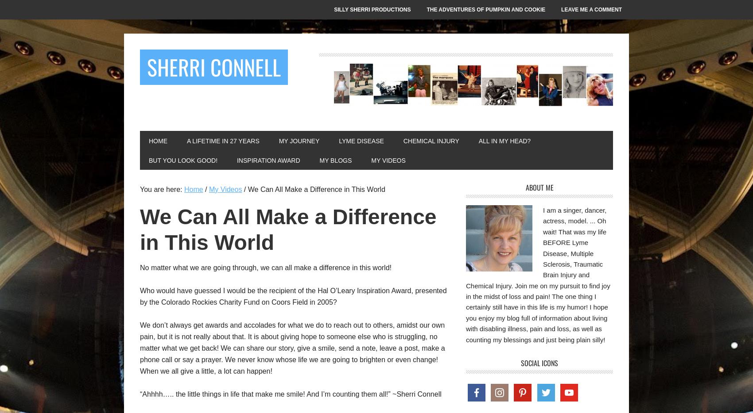 The height and width of the screenshot is (413, 753). I want to click on 'Inspiration Award', so click(268, 161).